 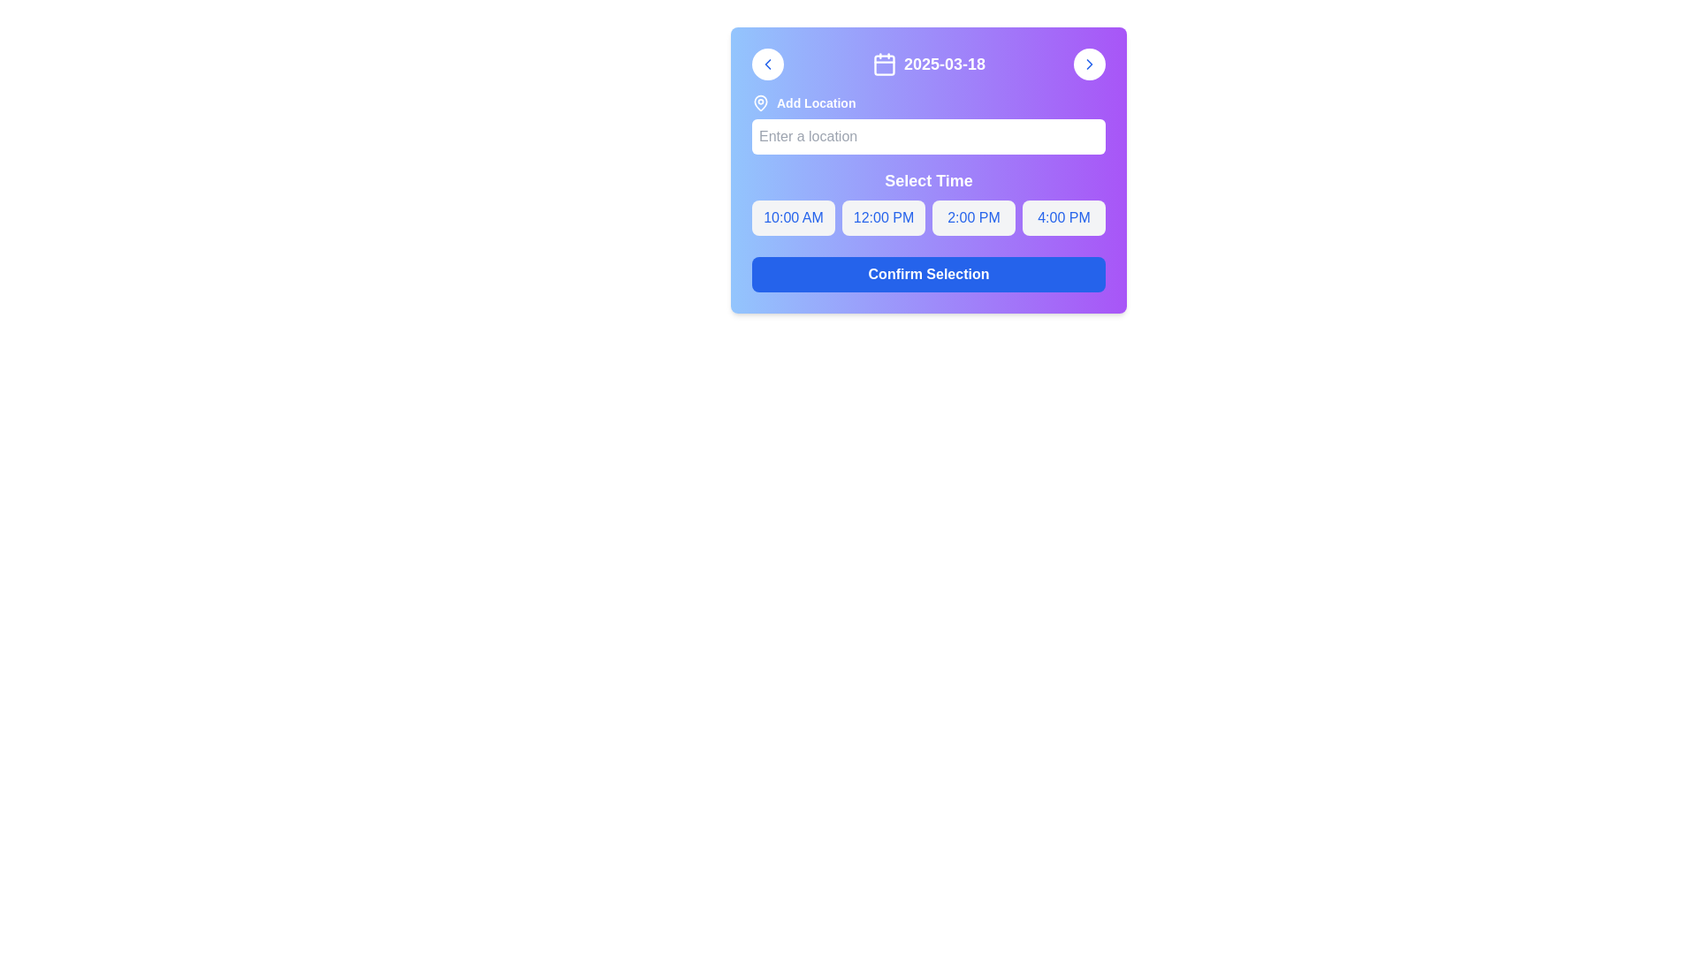 I want to click on the left-pointing chevron icon within the circular button located on the left side of the date display in the calendar interface, so click(x=767, y=64).